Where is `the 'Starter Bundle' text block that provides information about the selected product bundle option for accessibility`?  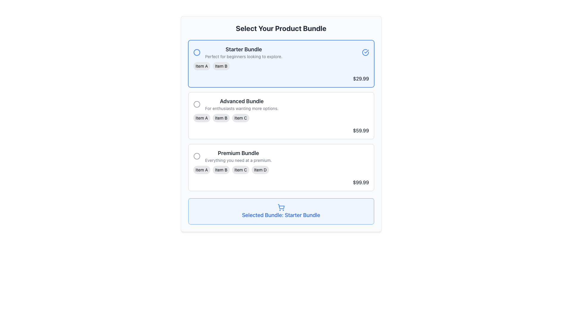 the 'Starter Bundle' text block that provides information about the selected product bundle option for accessibility is located at coordinates (244, 52).